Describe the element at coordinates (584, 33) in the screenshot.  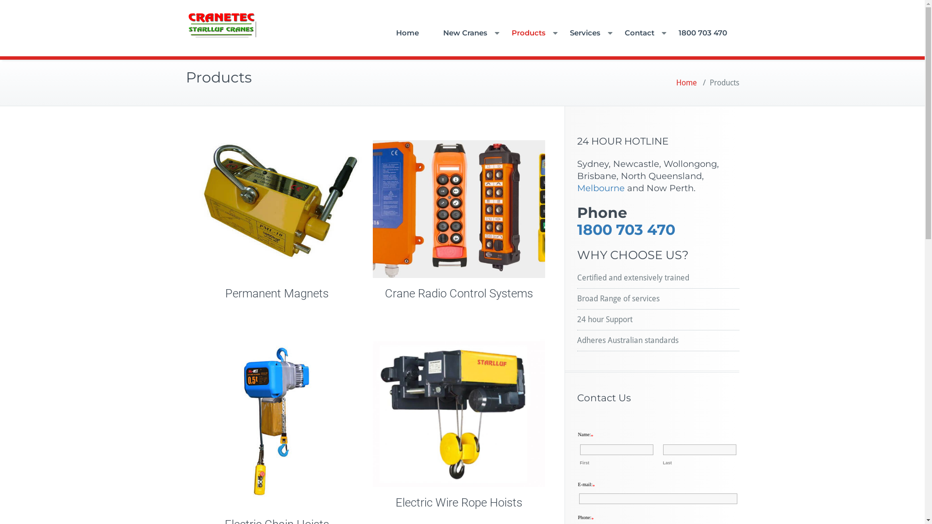
I see `'Services'` at that location.